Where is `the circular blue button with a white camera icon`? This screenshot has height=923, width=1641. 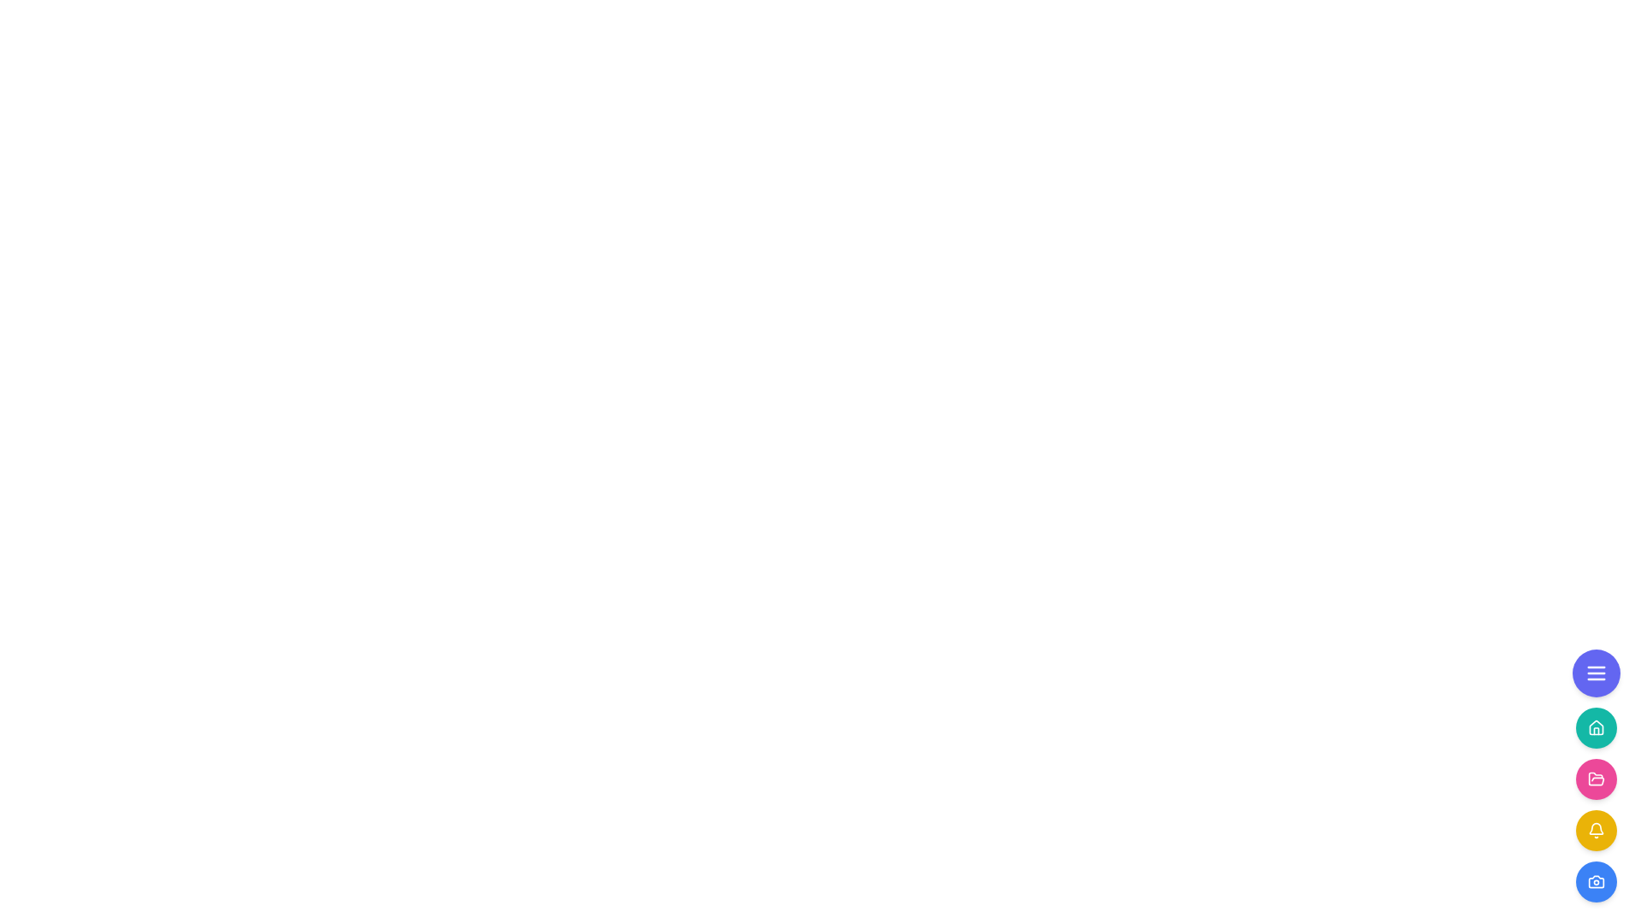 the circular blue button with a white camera icon is located at coordinates (1595, 882).